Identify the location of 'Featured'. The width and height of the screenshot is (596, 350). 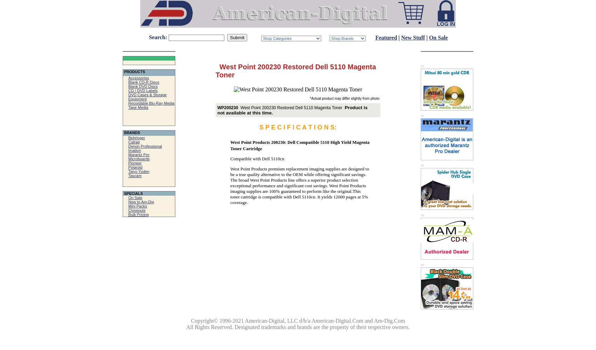
(386, 37).